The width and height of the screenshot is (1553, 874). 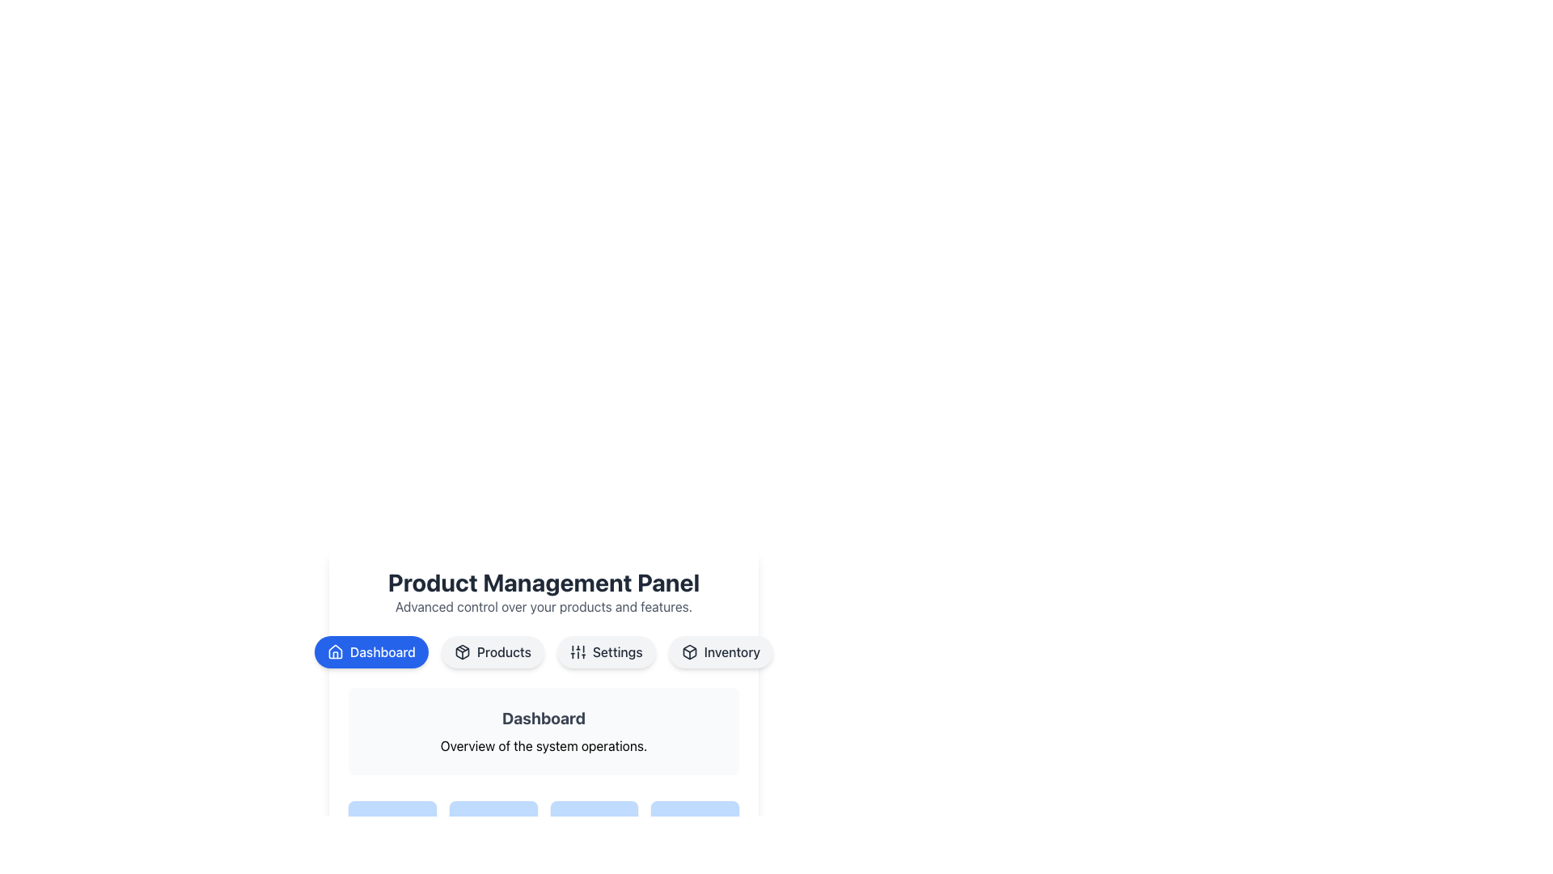 I want to click on the third button in the navigation bar under the 'Product Management Panel', so click(x=605, y=651).